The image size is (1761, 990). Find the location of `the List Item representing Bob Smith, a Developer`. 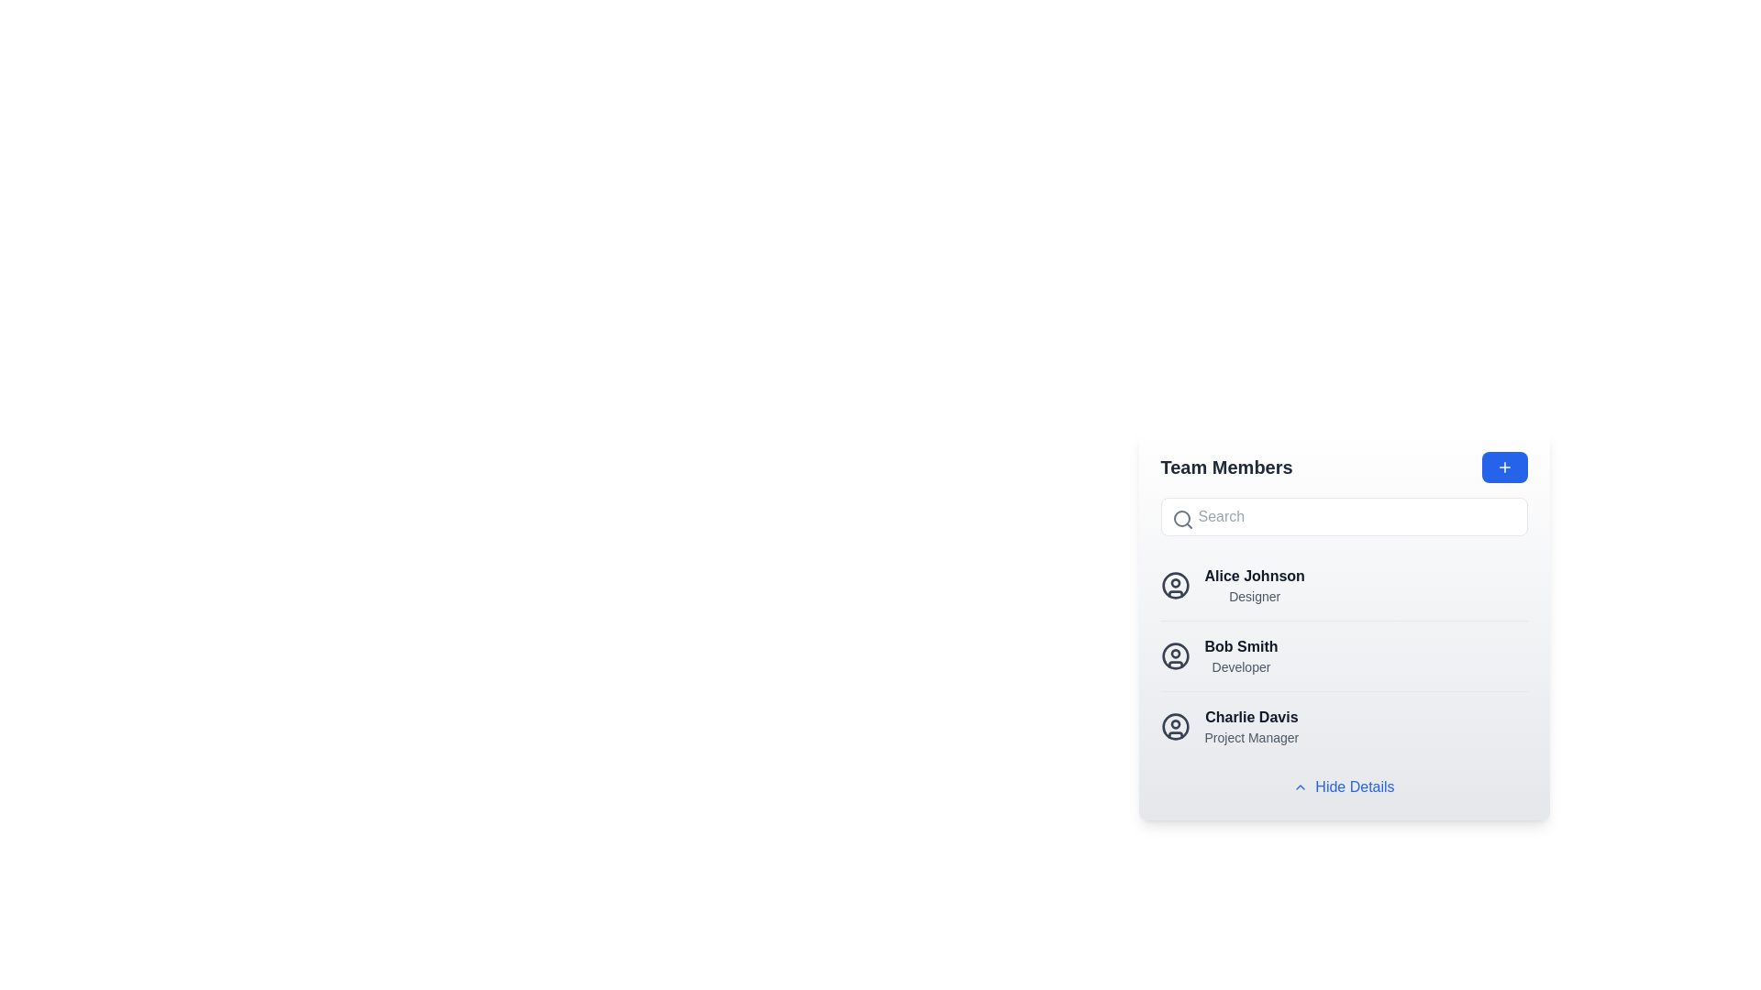

the List Item representing Bob Smith, a Developer is located at coordinates (1344, 655).